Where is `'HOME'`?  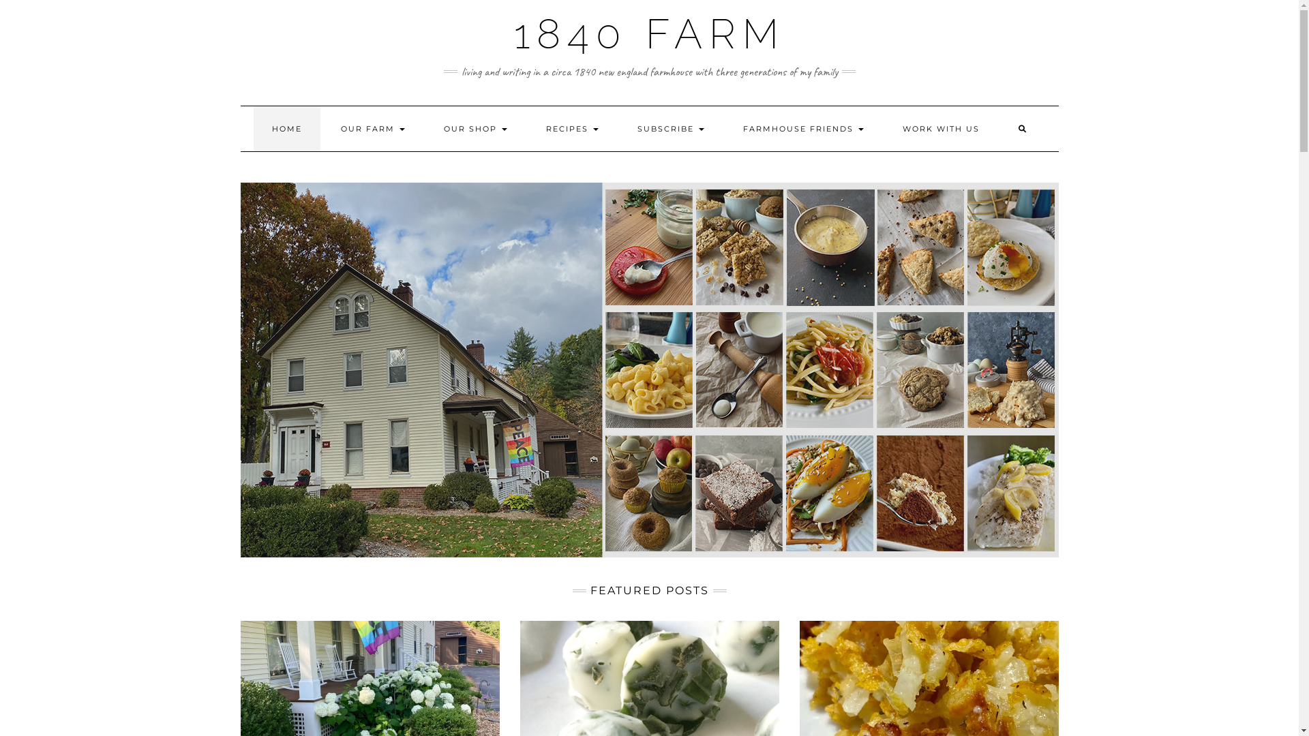
'HOME' is located at coordinates (286, 129).